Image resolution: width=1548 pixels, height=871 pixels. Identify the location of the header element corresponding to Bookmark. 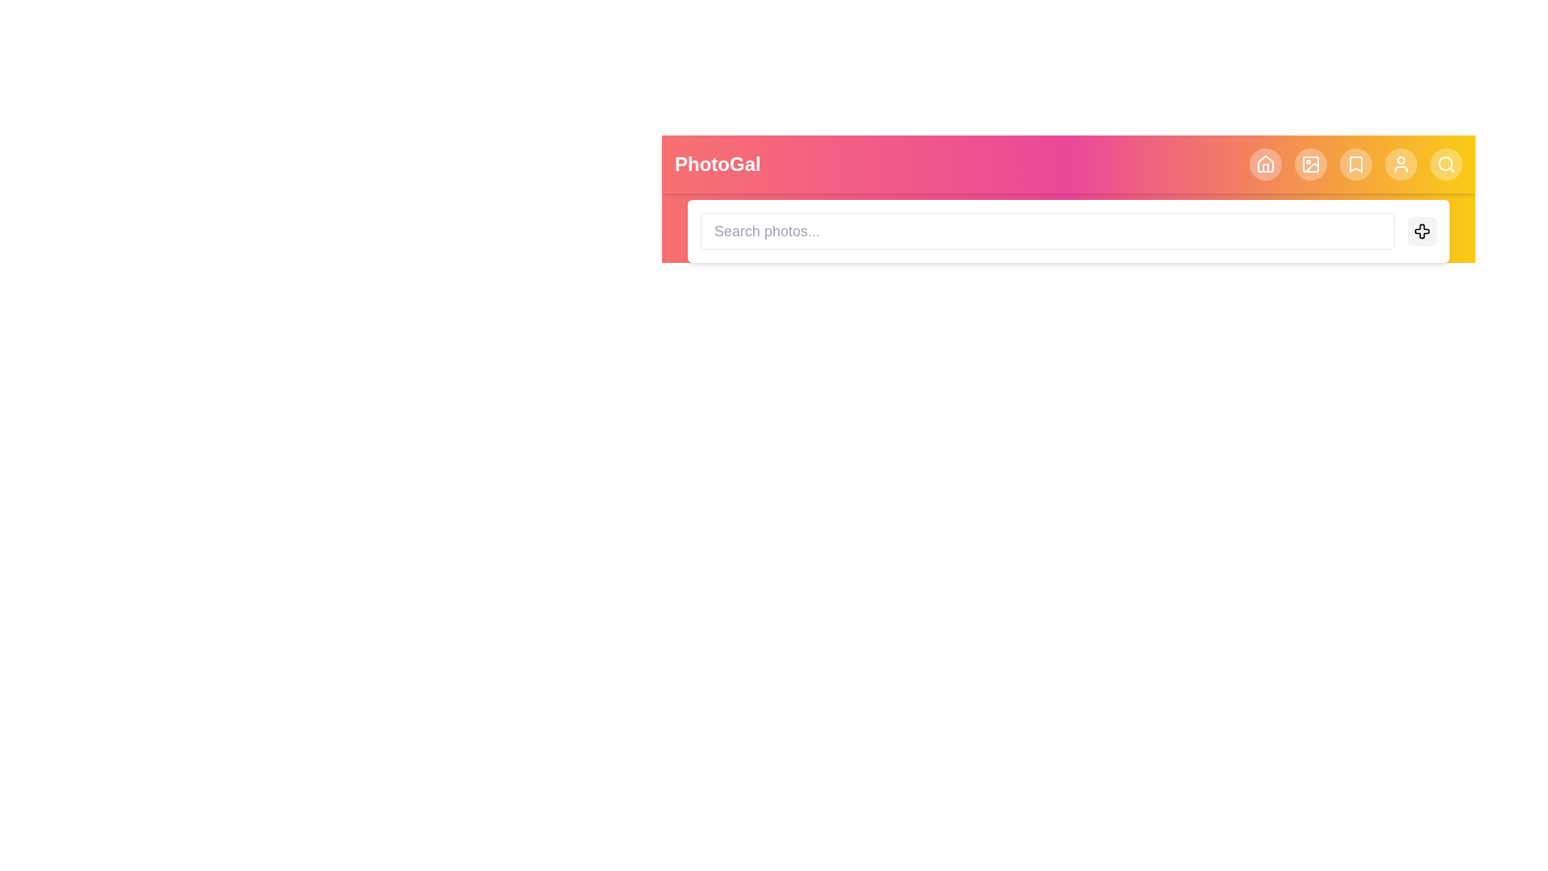
(1354, 165).